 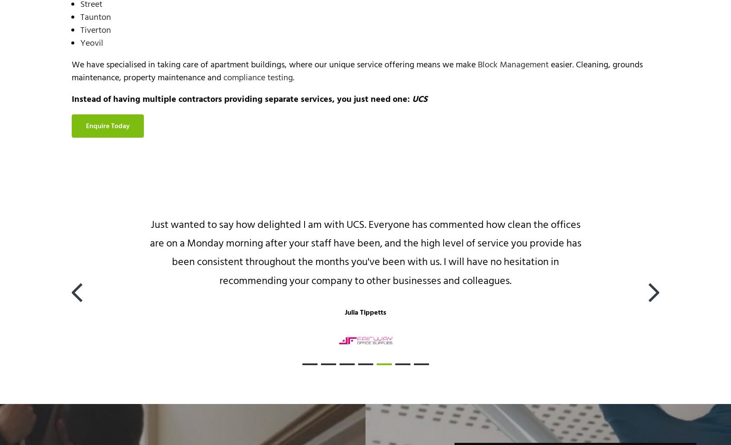 What do you see at coordinates (95, 30) in the screenshot?
I see `'Tiverton'` at bounding box center [95, 30].